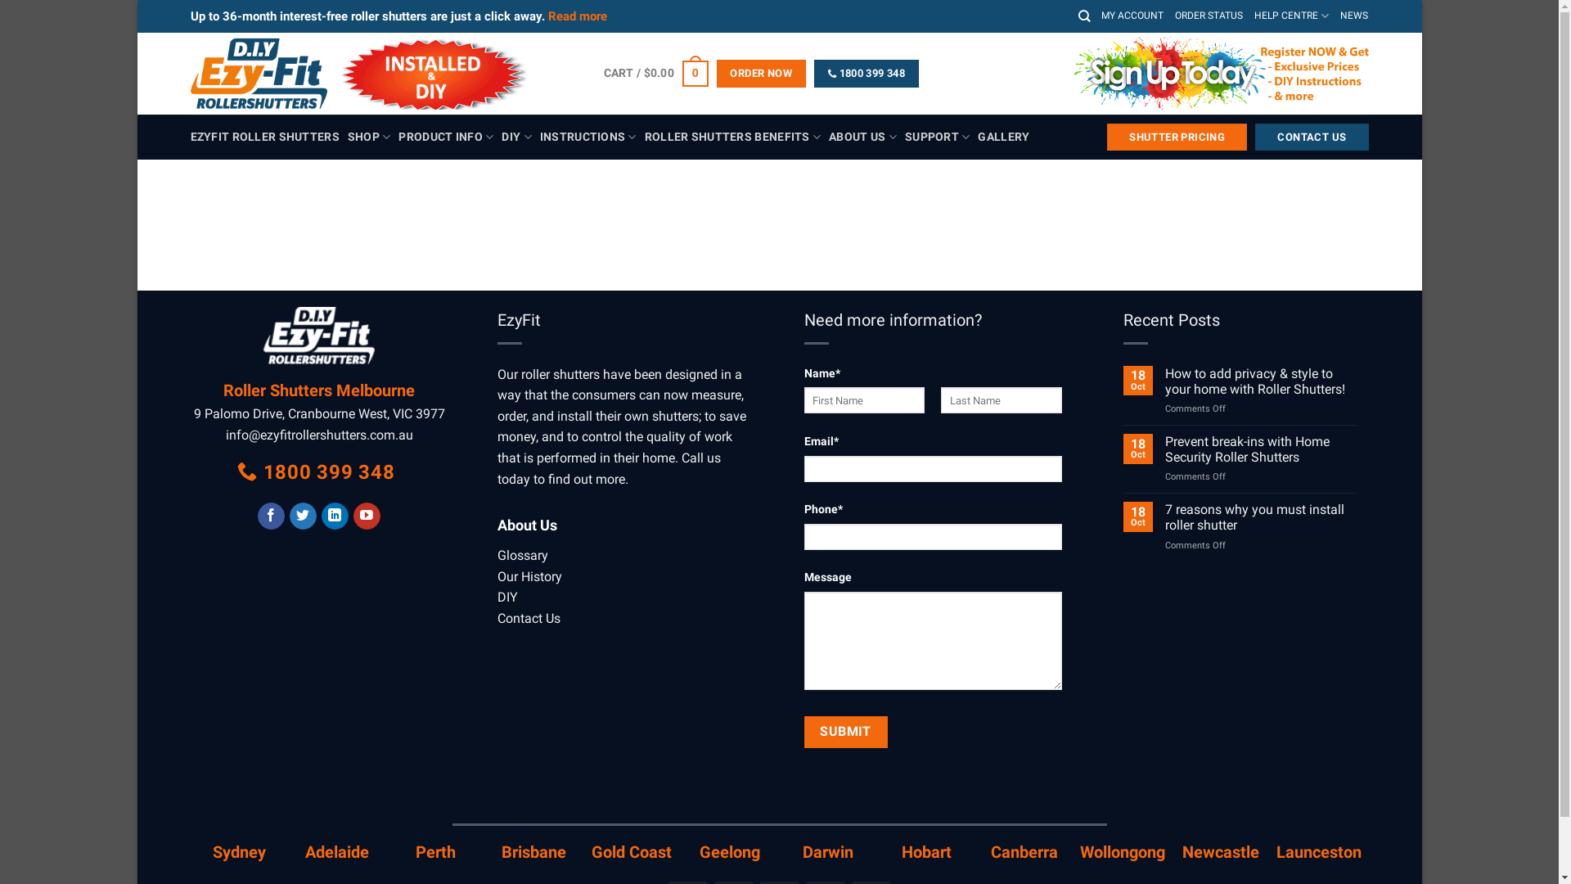  Describe the element at coordinates (318, 390) in the screenshot. I see `'Roller Shutters Melbourne'` at that location.